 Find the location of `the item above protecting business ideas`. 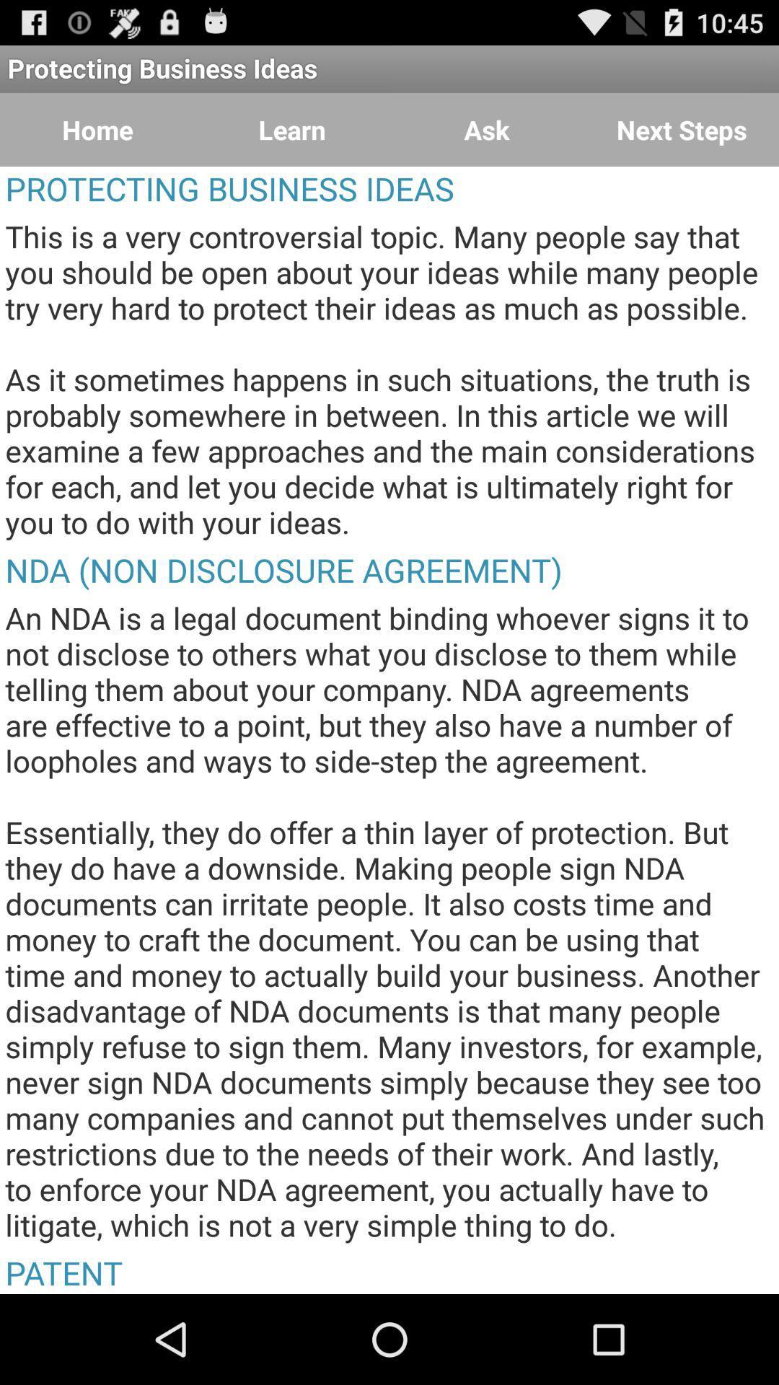

the item above protecting business ideas is located at coordinates (487, 130).